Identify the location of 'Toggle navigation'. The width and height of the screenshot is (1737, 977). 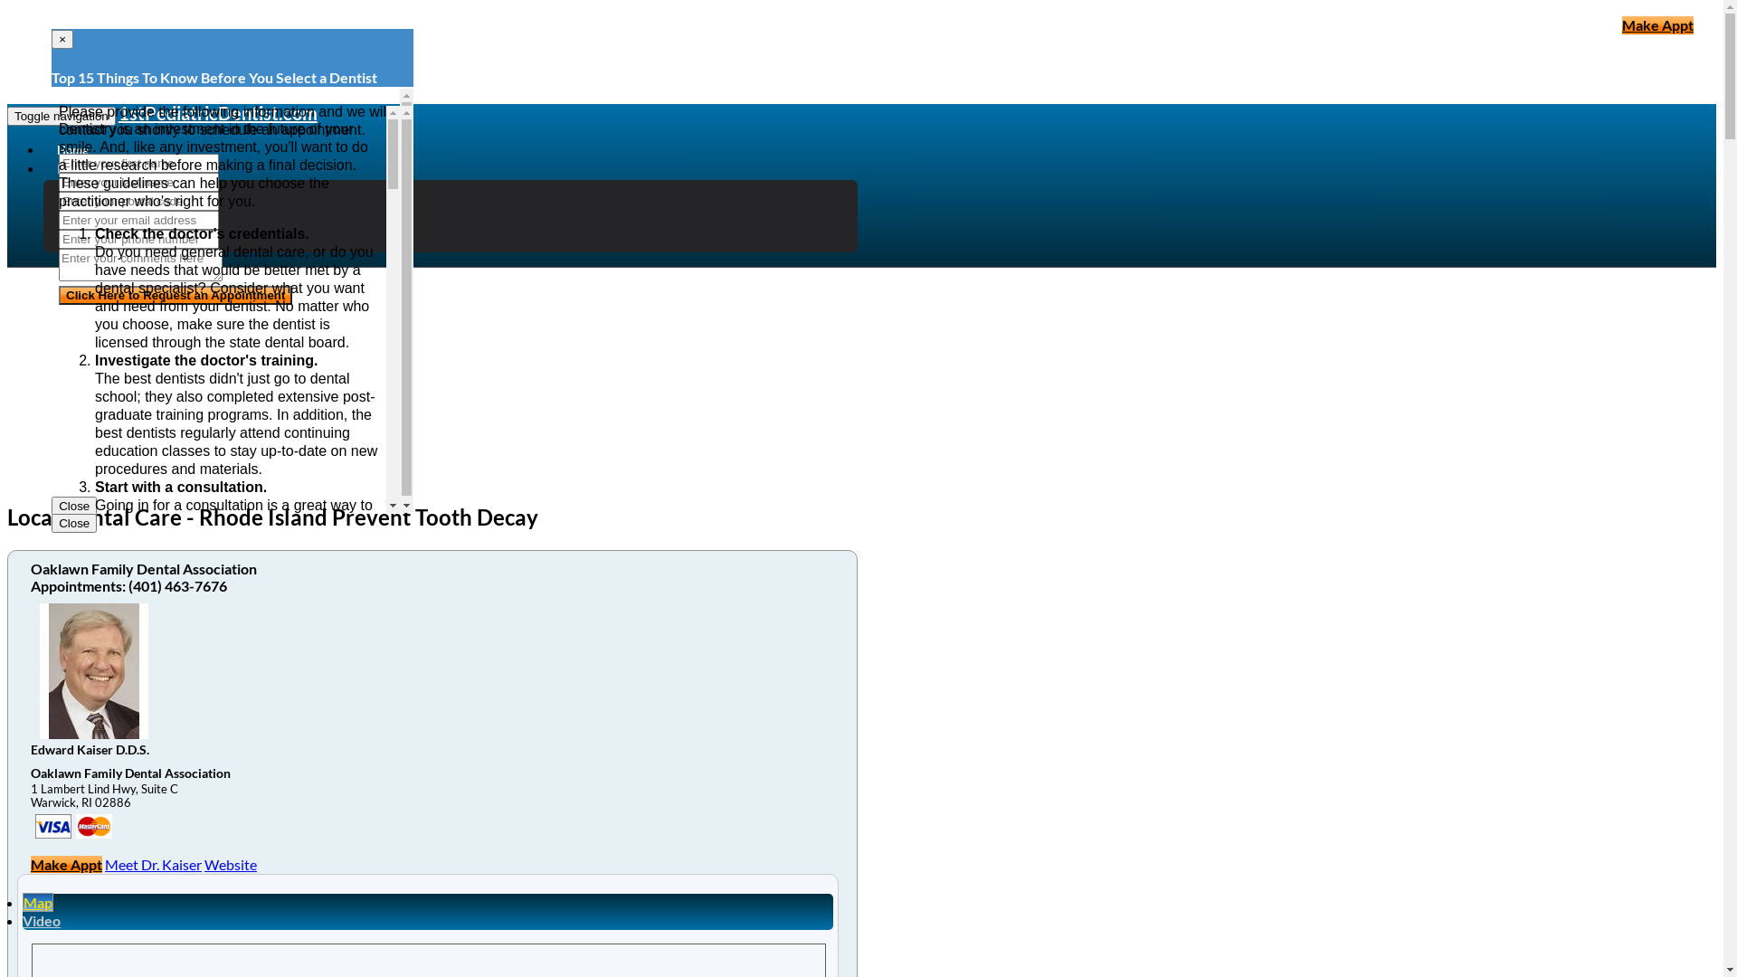
(61, 116).